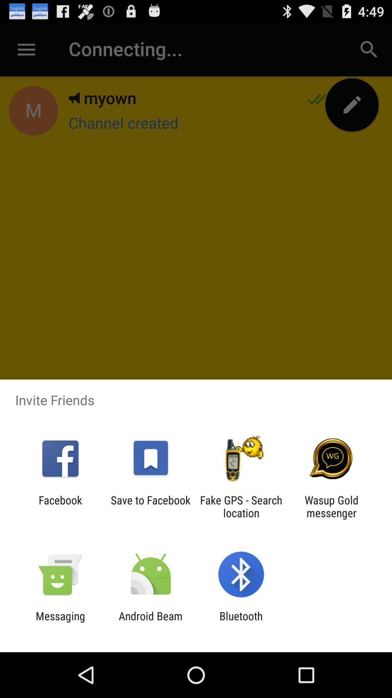  I want to click on app to the right of save to facebook app, so click(241, 506).